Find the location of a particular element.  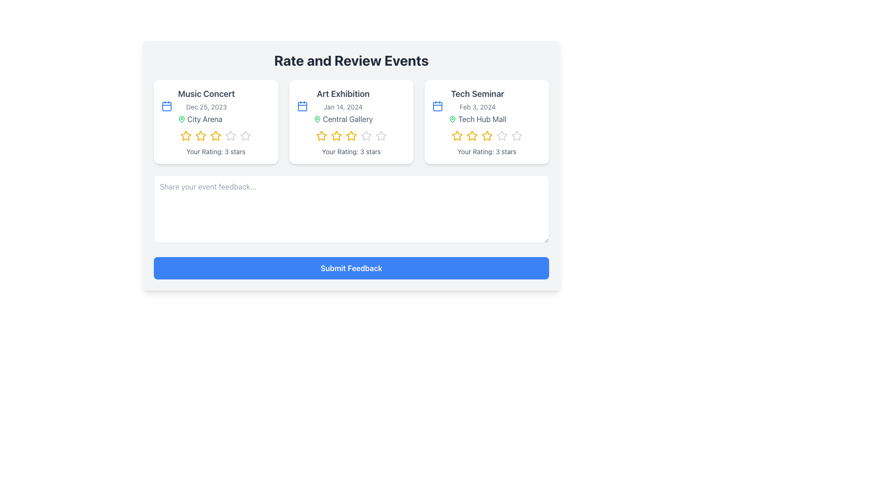

the fourth star icon in the rating system of the 'Music Concert' card is located at coordinates (246, 136).